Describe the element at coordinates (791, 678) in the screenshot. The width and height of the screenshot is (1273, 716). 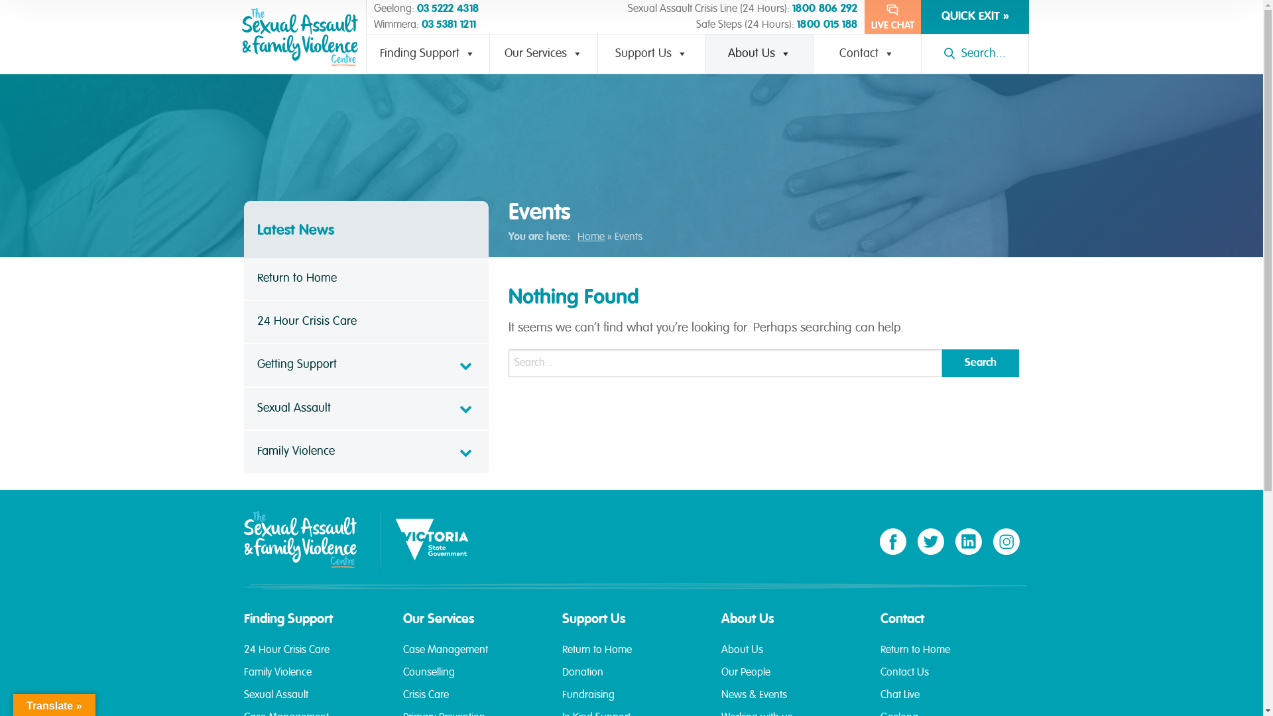
I see `'Our People'` at that location.